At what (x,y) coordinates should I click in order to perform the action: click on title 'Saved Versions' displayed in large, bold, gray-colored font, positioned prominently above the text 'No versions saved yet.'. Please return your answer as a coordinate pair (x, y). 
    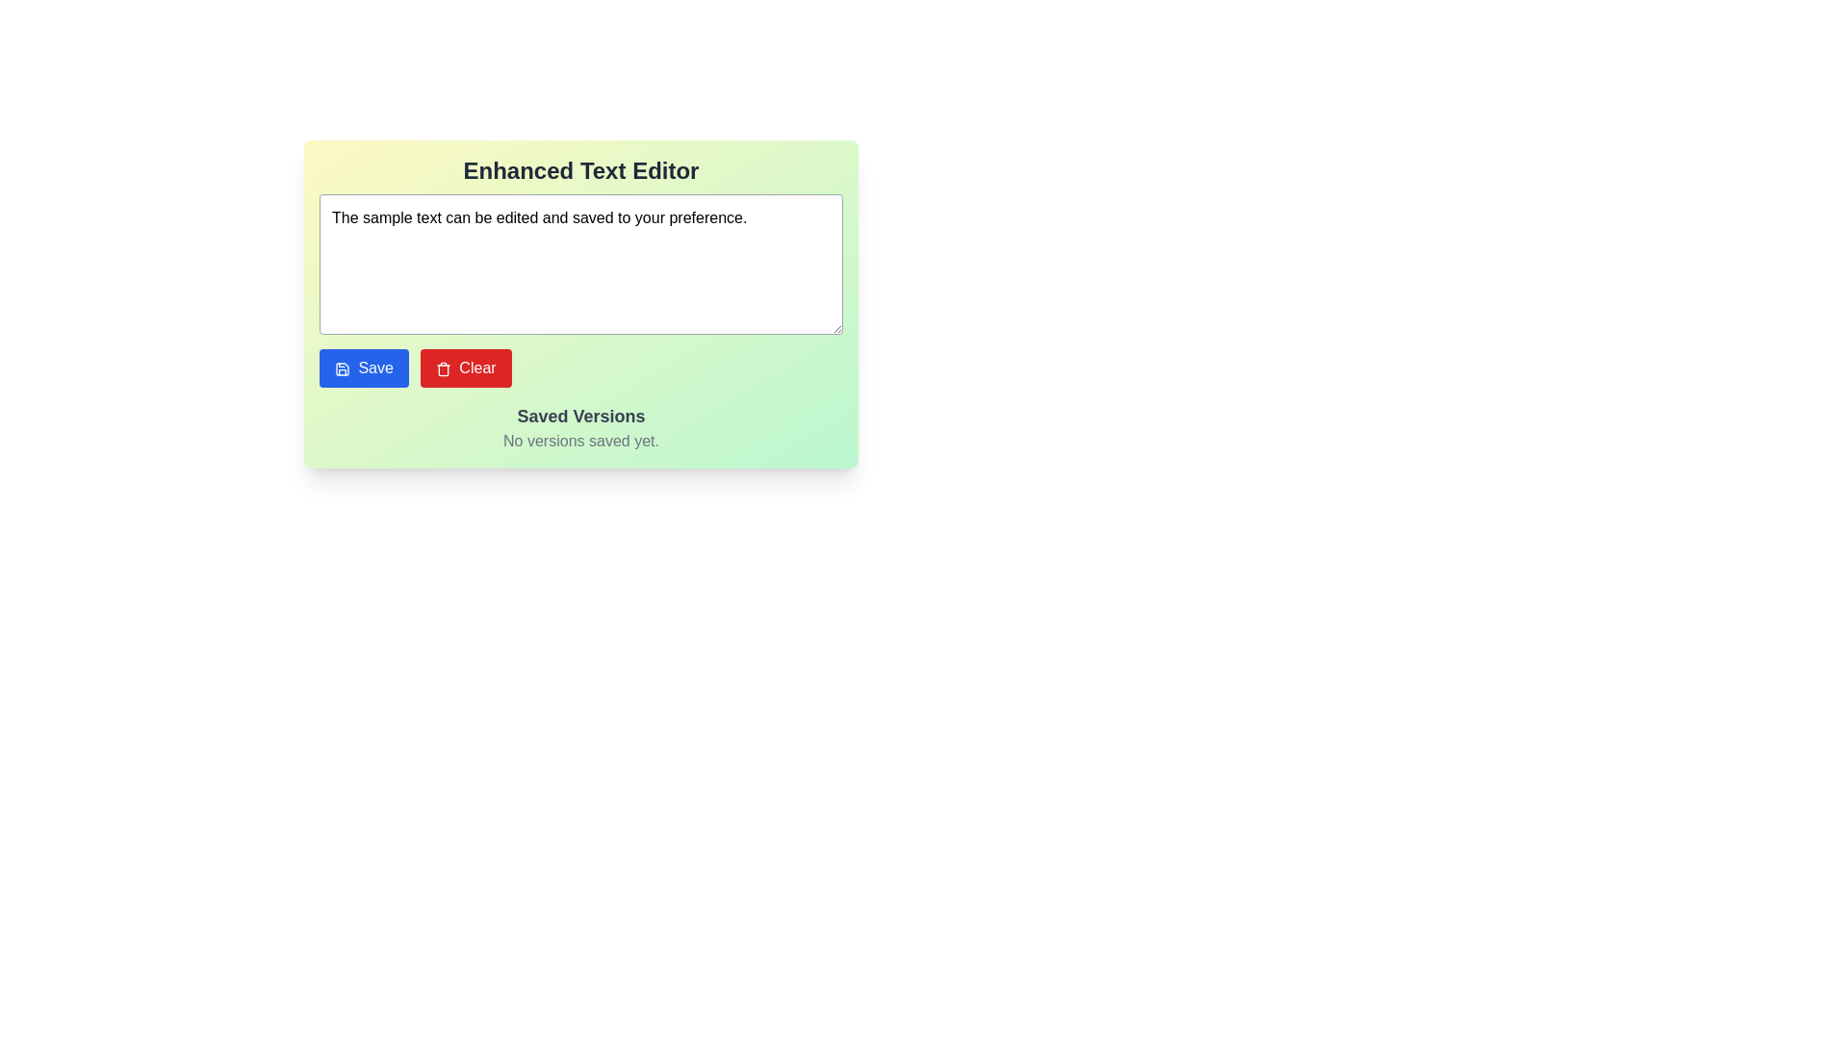
    Looking at the image, I should click on (580, 415).